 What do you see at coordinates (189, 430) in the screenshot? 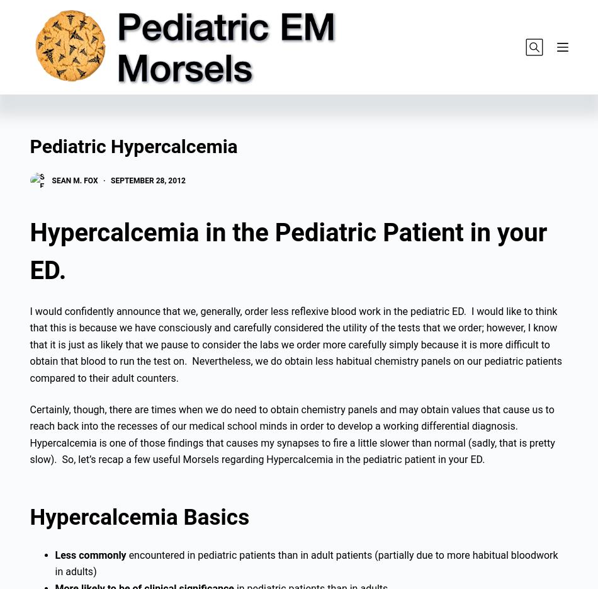
I see `'Disclaimer'` at bounding box center [189, 430].